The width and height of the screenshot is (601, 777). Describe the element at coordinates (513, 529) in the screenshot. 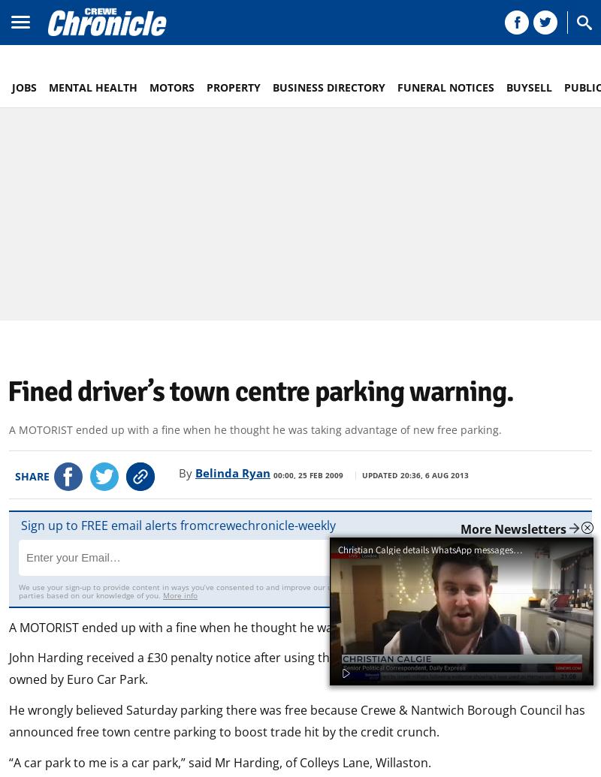

I see `'More Newsletters'` at that location.